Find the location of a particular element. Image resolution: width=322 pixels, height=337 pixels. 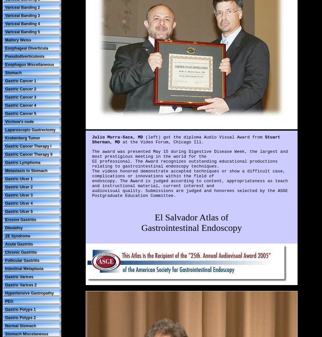

'GI professional. The Award recognizes outstanding educational productions relating to gastrointestinal endoscopy techniques.' is located at coordinates (185, 163).